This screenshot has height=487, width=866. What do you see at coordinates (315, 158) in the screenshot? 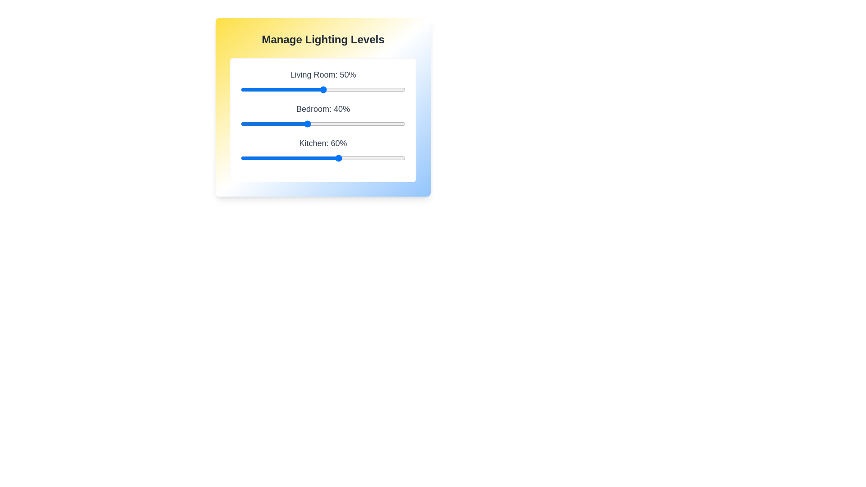
I see `the Kitchen lighting level to 45% using the slider` at bounding box center [315, 158].